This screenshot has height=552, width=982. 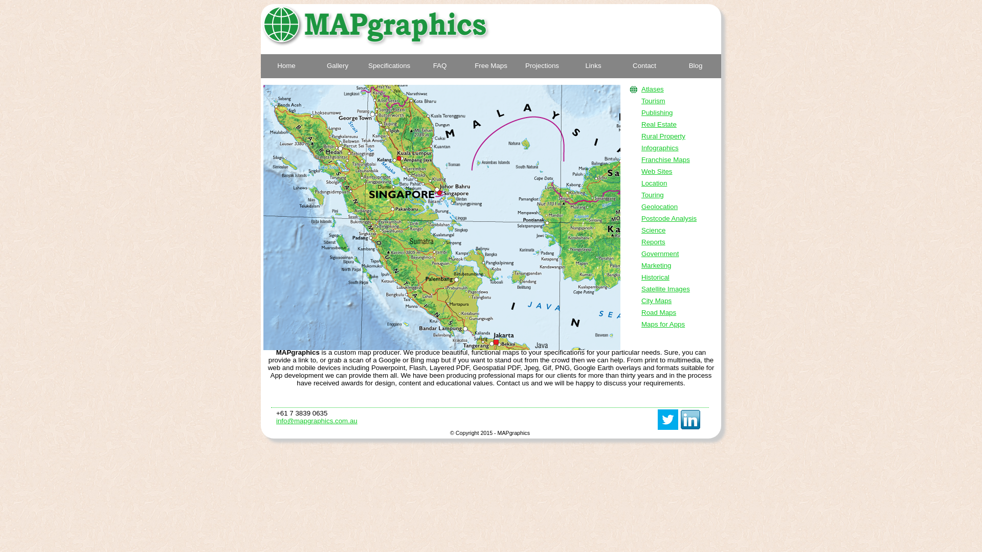 What do you see at coordinates (338, 66) in the screenshot?
I see `'Gallery'` at bounding box center [338, 66].